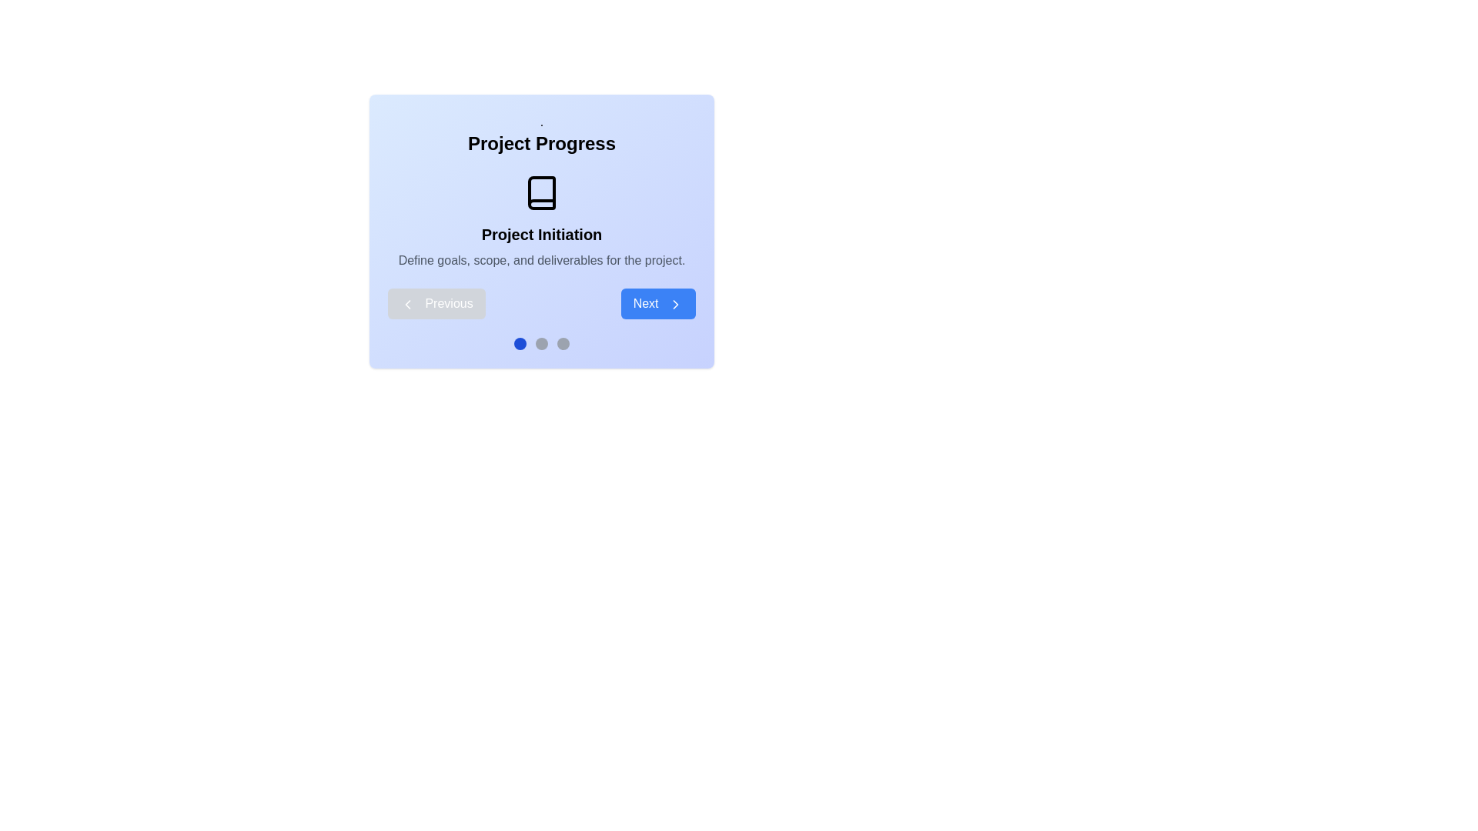 This screenshot has width=1478, height=831. Describe the element at coordinates (562, 343) in the screenshot. I see `the third gray indicator dot in the pagination sequence` at that location.